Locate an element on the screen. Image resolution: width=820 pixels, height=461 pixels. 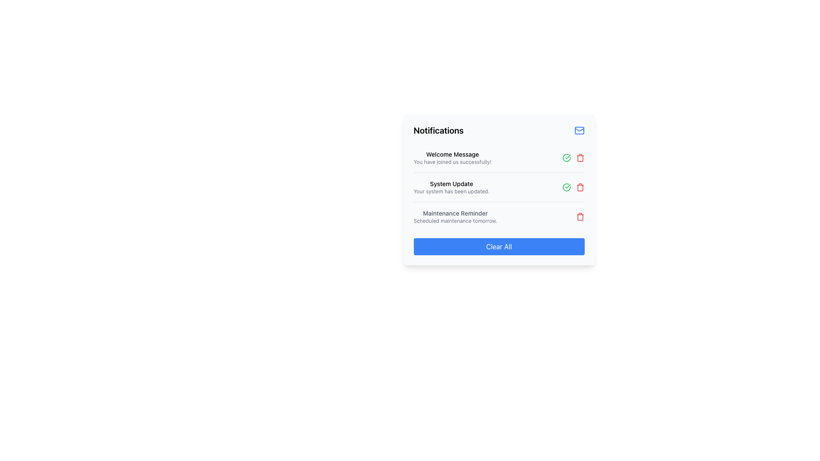
the text label displaying 'Welcome Message' which is styled in a small, medium-weight black font and is positioned at the top left corner of the notification card is located at coordinates (452, 155).